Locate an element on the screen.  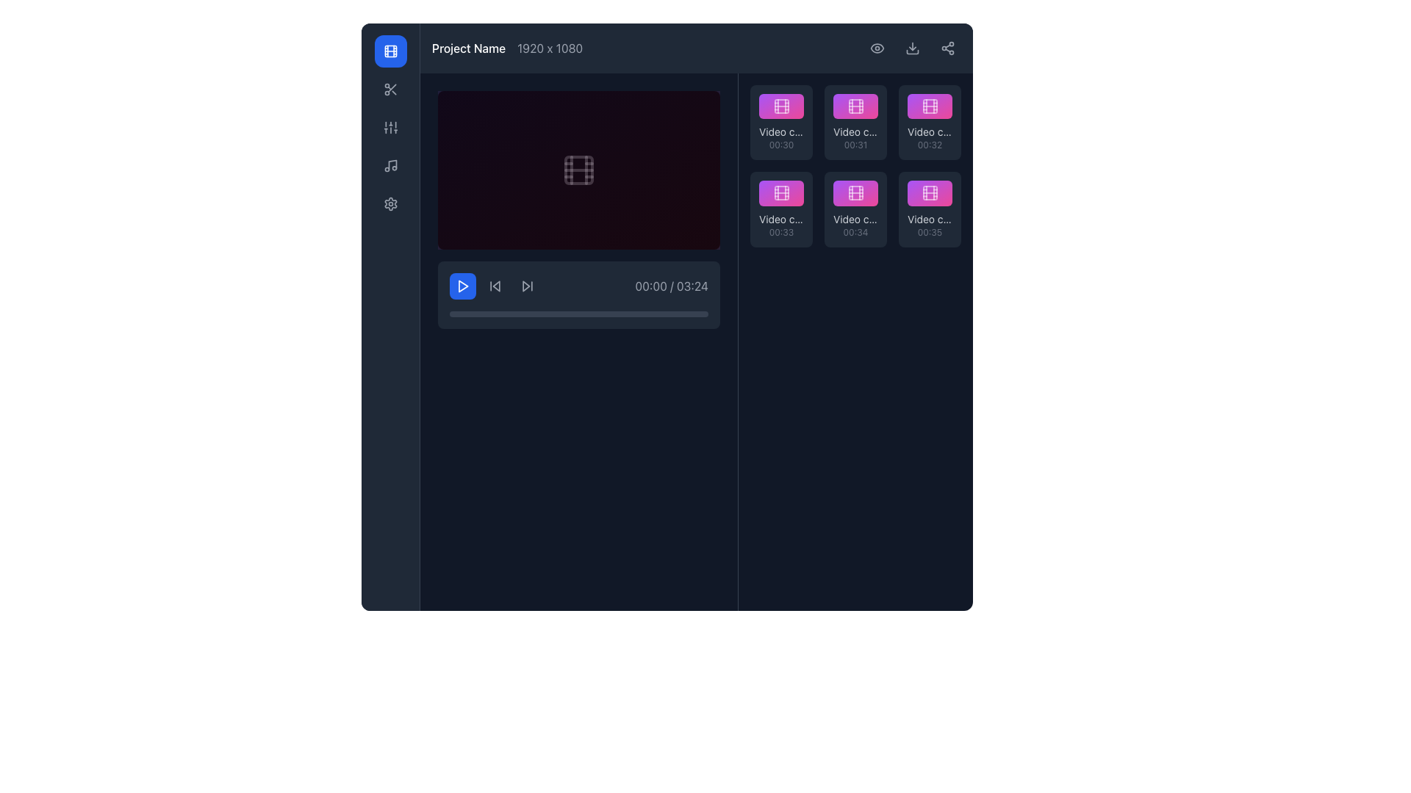
text label indicating the duration of the video clip located below 'Video clip 4' in the grid layout is located at coordinates (780, 231).